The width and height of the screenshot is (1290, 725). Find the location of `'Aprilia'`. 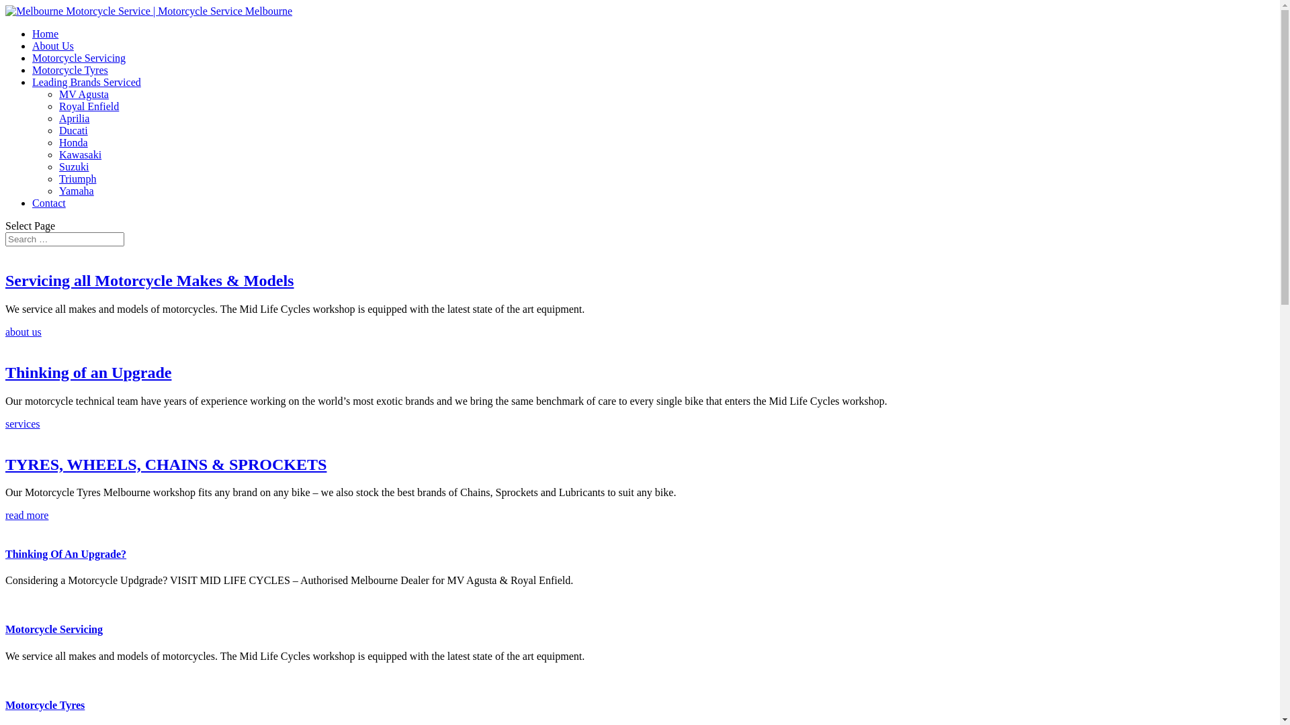

'Aprilia' is located at coordinates (73, 117).